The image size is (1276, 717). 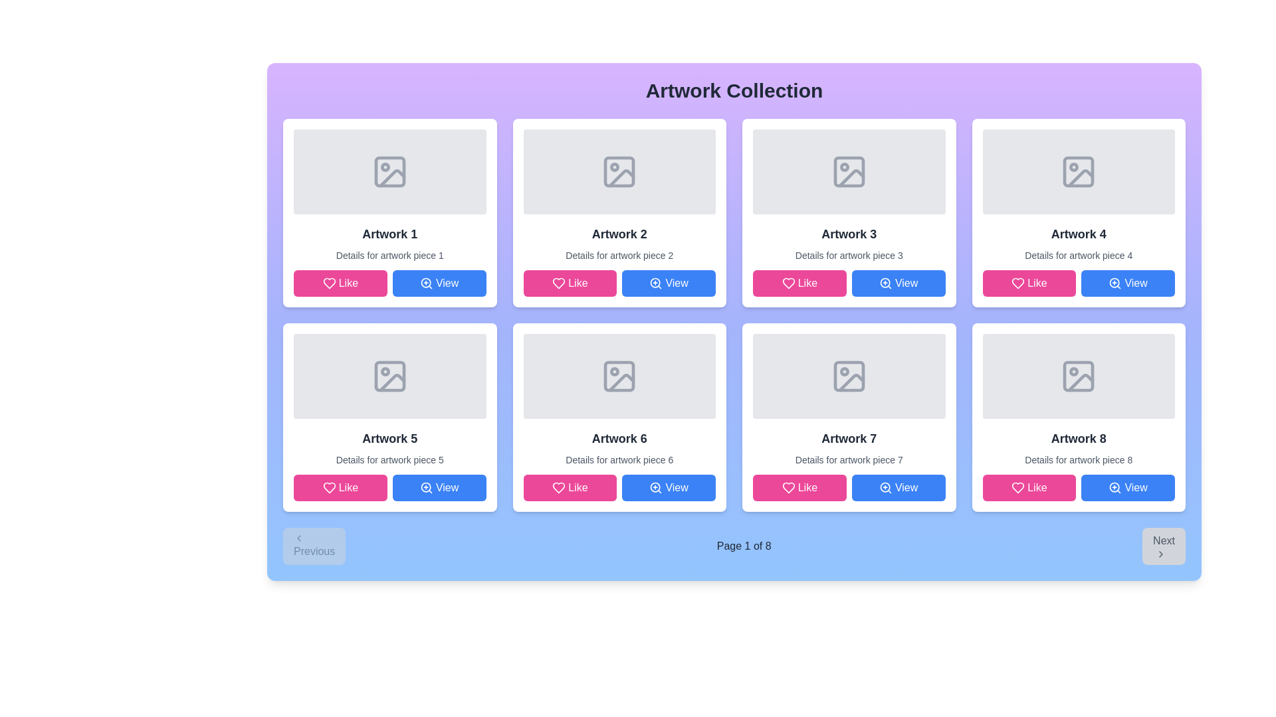 I want to click on the blue button with white text reading 'View', which has a magnifying glass icon on the left side, so click(x=899, y=488).